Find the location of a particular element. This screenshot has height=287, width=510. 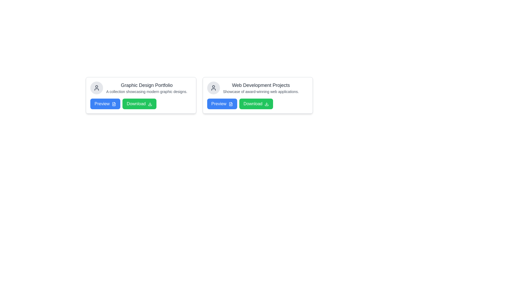

the document icon within the 'Preview' button of the 'Web Development Projects' card is located at coordinates (231, 104).